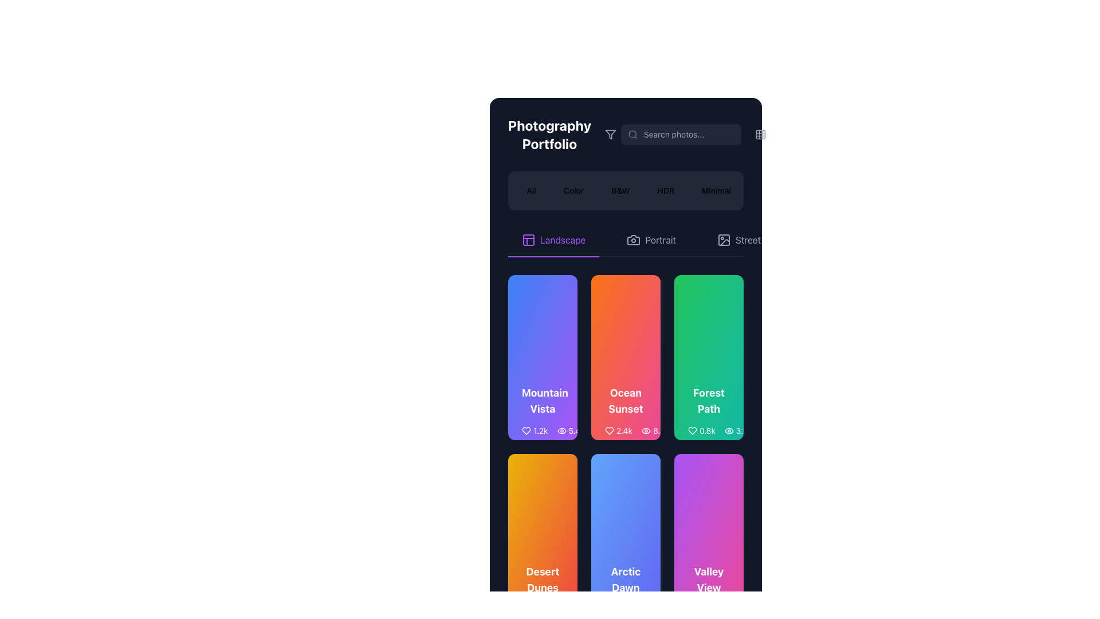  Describe the element at coordinates (528, 240) in the screenshot. I see `the icon positioned to the left of the text 'Landscape', which is a purple outline of a panel with a subdivided frame, located in the top middle section of the interface` at that location.